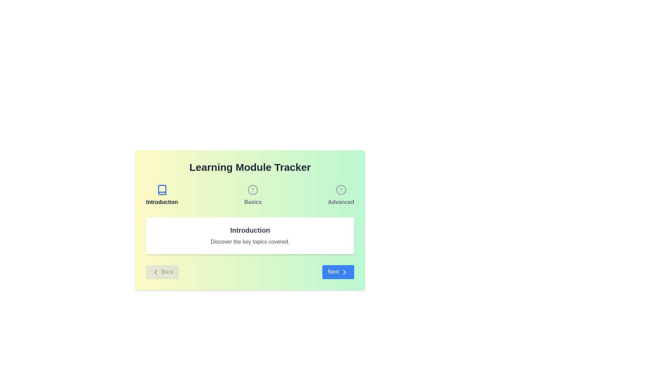  Describe the element at coordinates (155, 271) in the screenshot. I see `the backward navigation icon within the 'Back' button located at the lower-left corner of the card interface` at that location.